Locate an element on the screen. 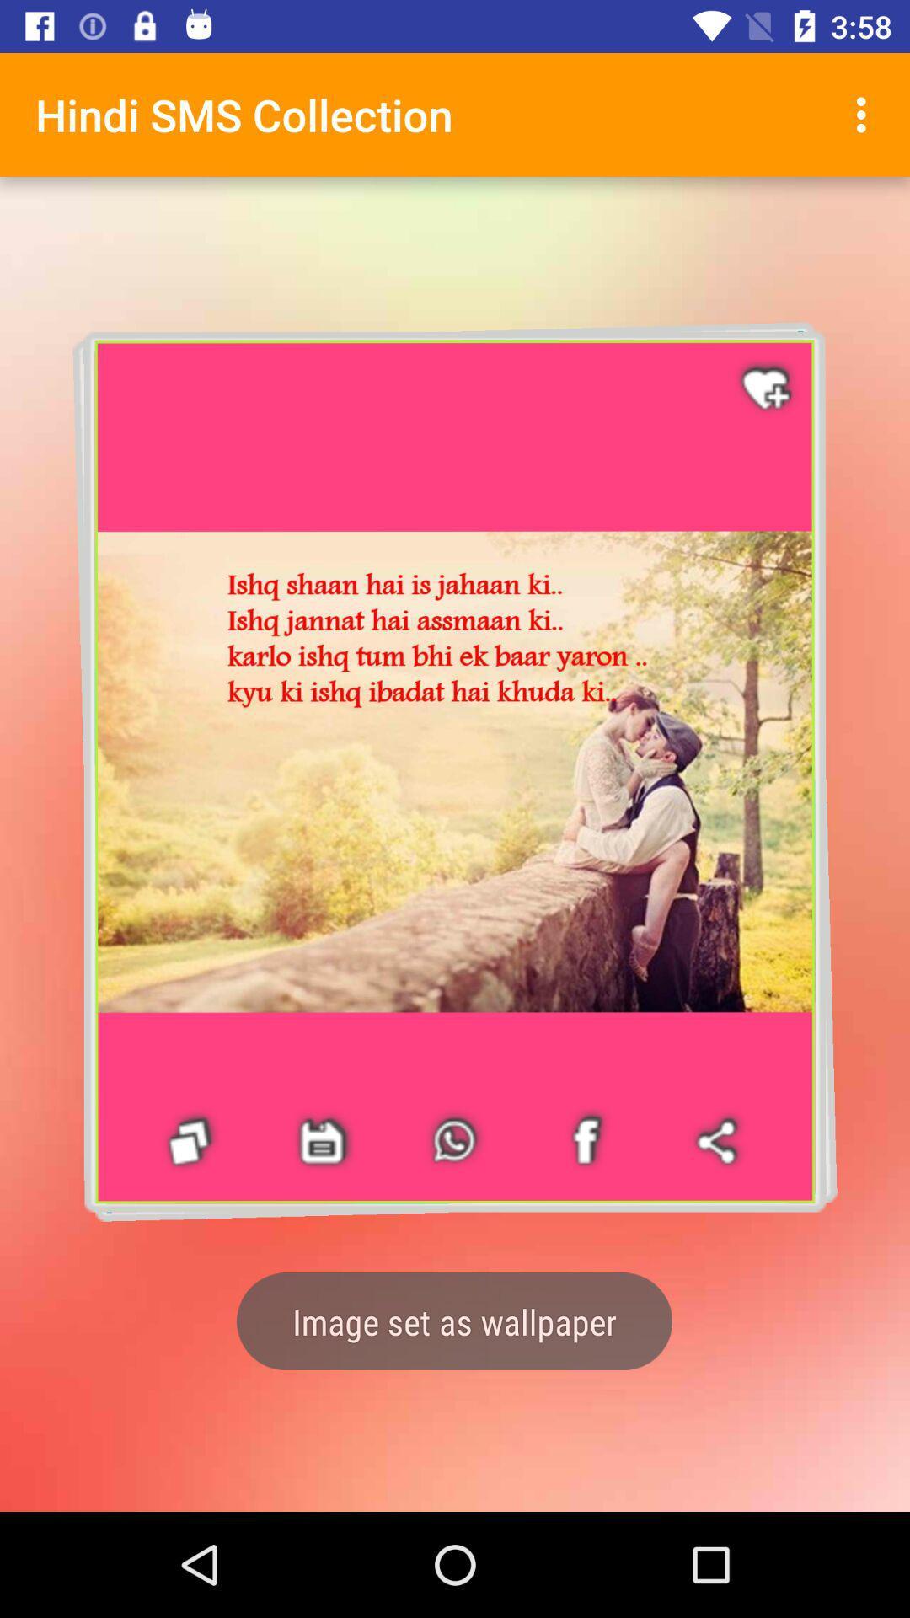 The height and width of the screenshot is (1618, 910). the time icon is located at coordinates (464, 1141).